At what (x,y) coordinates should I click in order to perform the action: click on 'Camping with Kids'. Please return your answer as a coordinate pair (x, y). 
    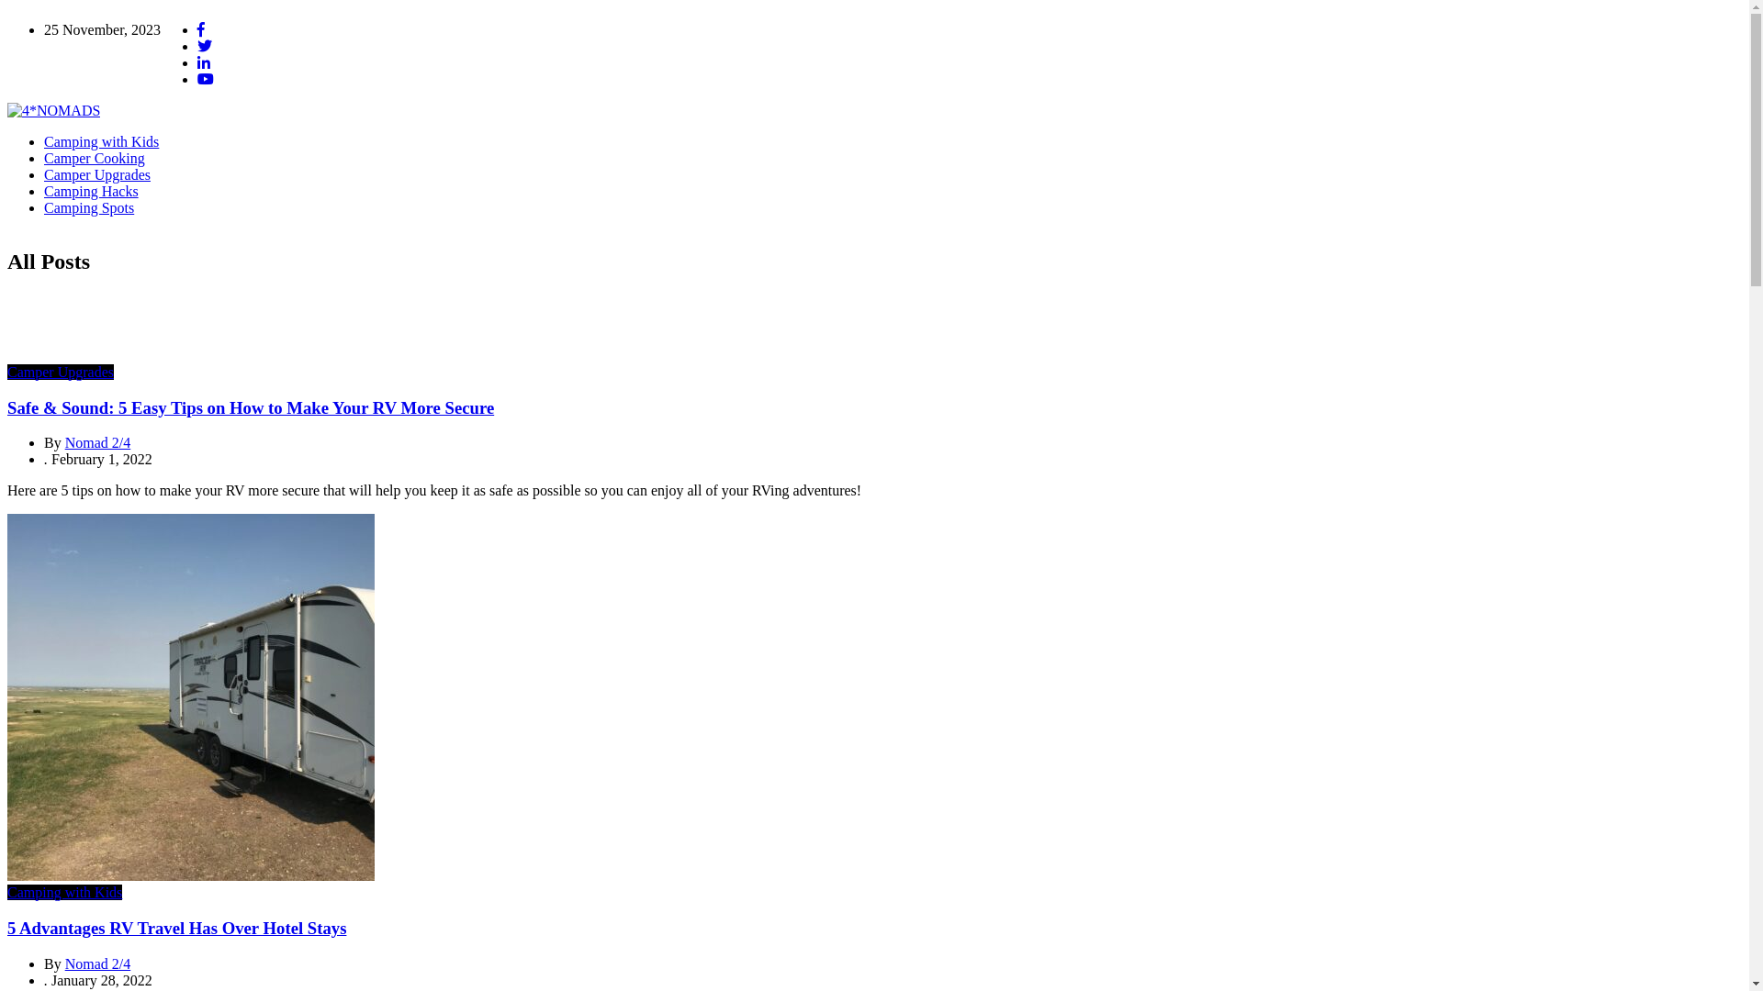
    Looking at the image, I should click on (100, 140).